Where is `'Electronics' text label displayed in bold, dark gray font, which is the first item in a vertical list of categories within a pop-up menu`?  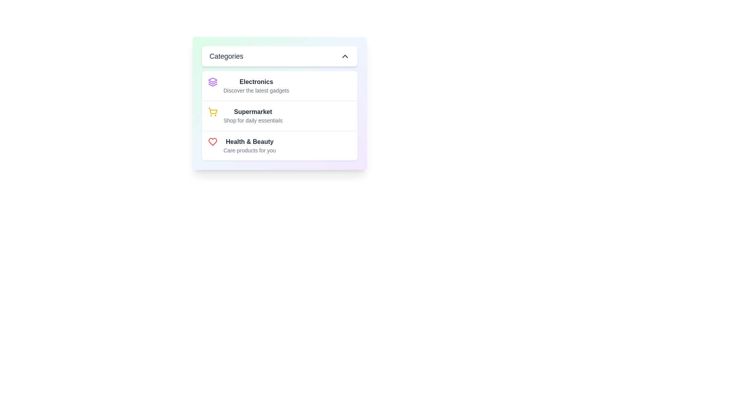 'Electronics' text label displayed in bold, dark gray font, which is the first item in a vertical list of categories within a pop-up menu is located at coordinates (256, 82).